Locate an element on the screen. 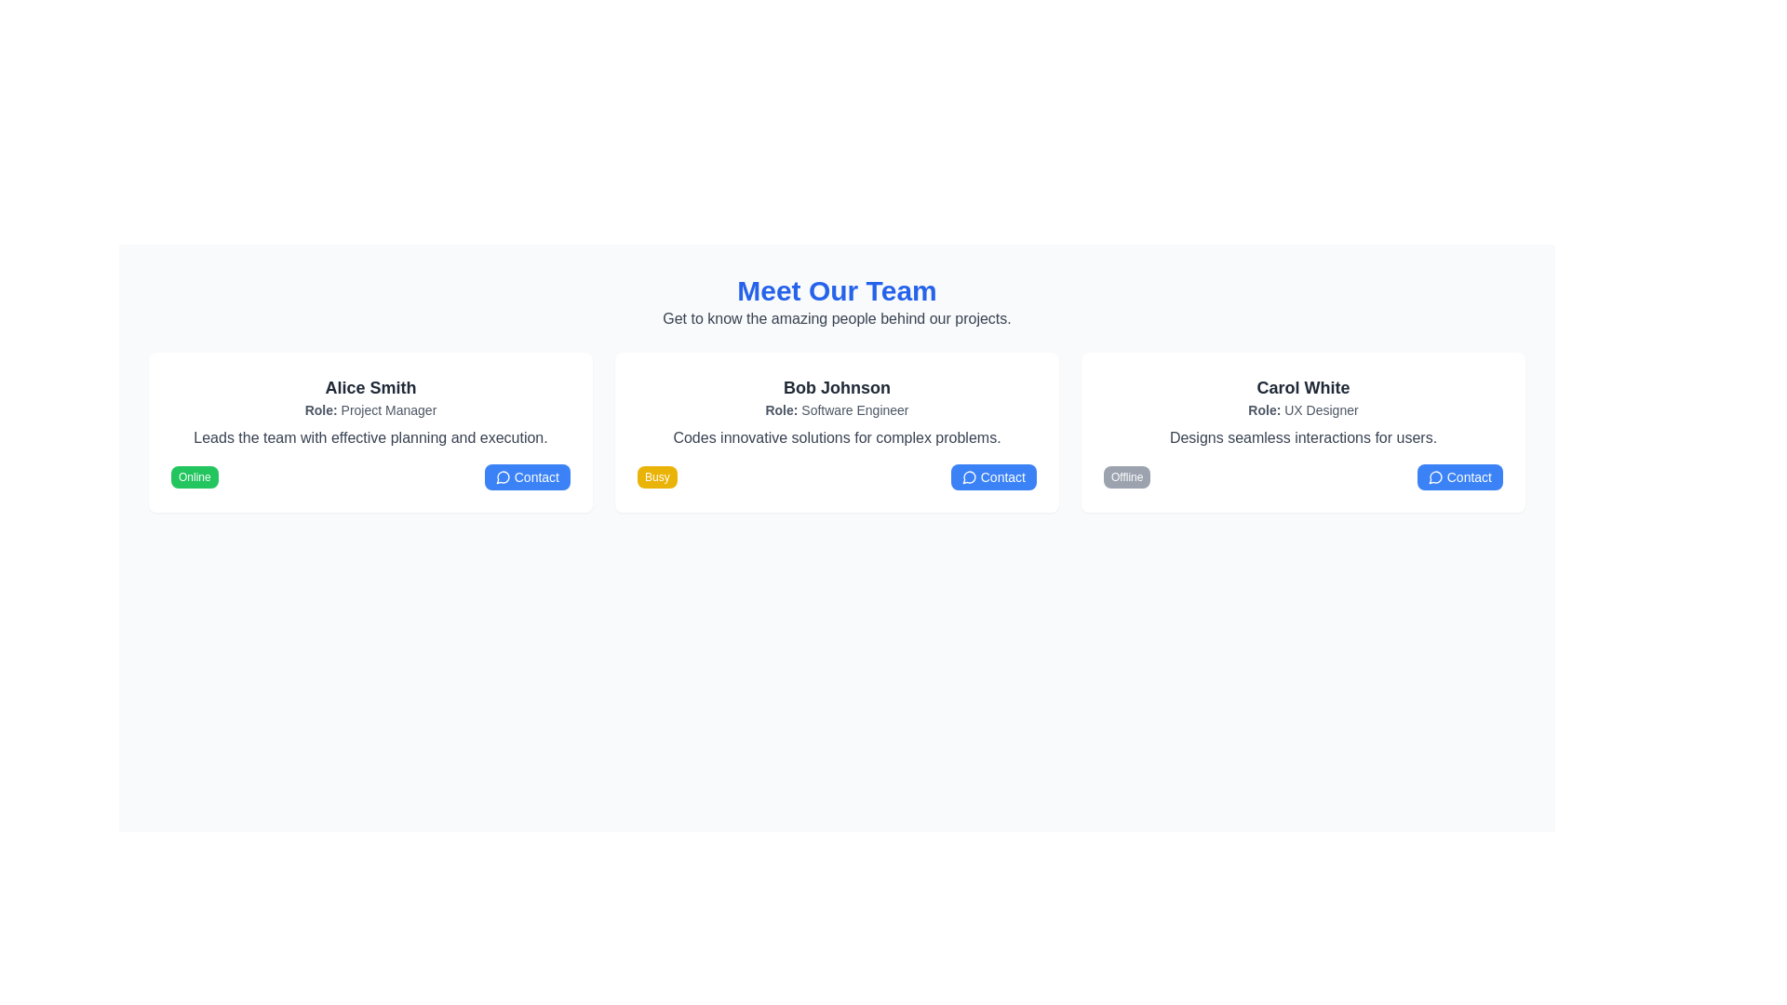 The height and width of the screenshot is (1005, 1787). the 'Contact' icon, which is positioned to the left of the 'Contact' button text for 'Alice Smith', the 'Project Manager' is located at coordinates (503, 476).